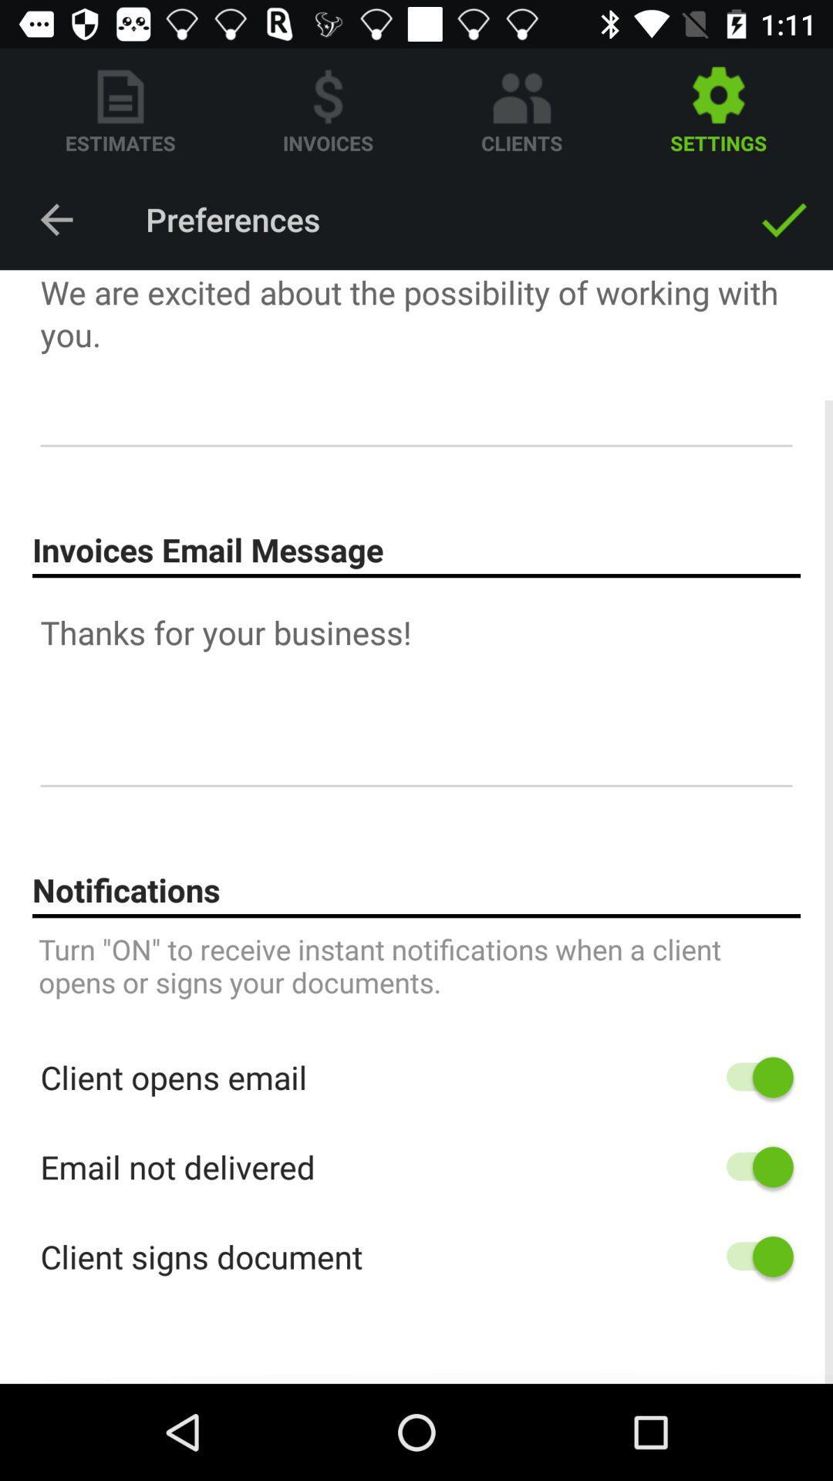 The image size is (833, 1481). What do you see at coordinates (751, 1167) in the screenshot?
I see `email toggle` at bounding box center [751, 1167].